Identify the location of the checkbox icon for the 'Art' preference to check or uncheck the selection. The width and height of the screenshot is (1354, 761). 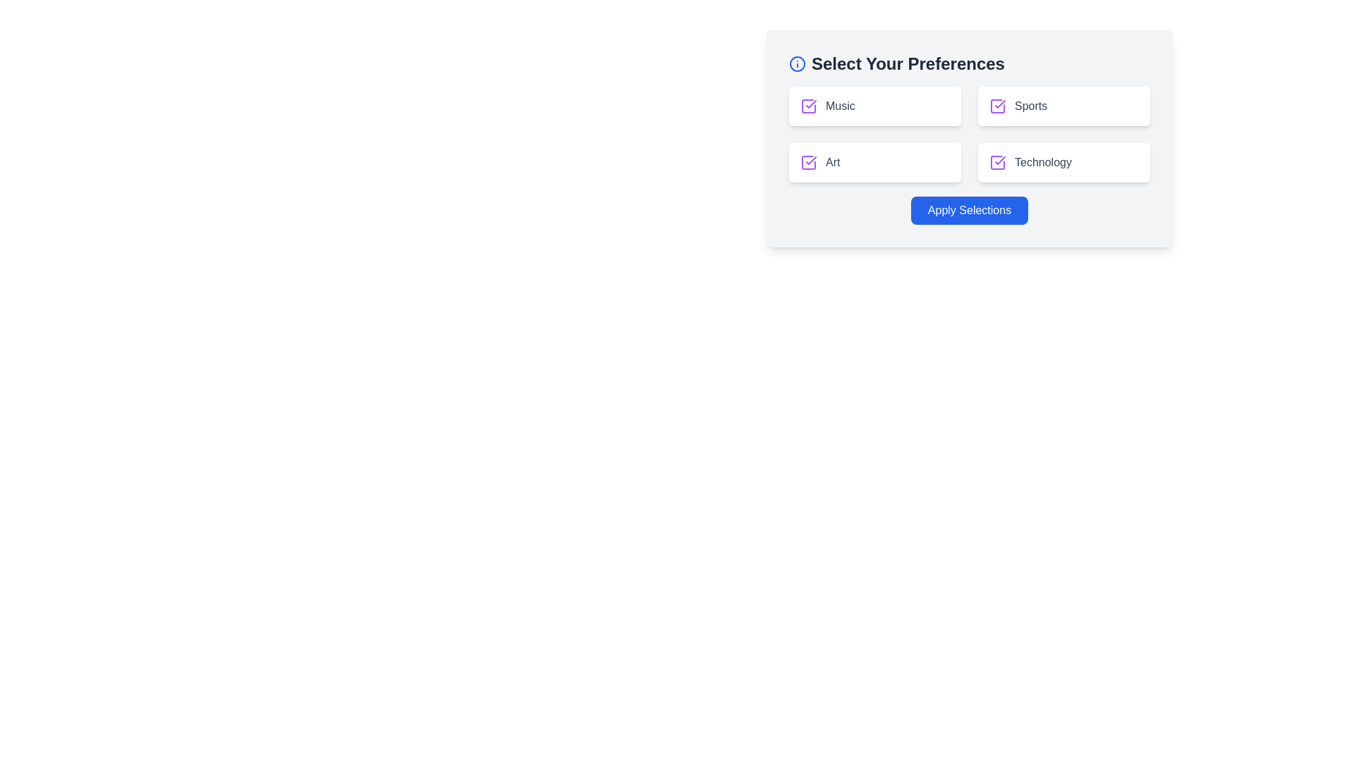
(809, 162).